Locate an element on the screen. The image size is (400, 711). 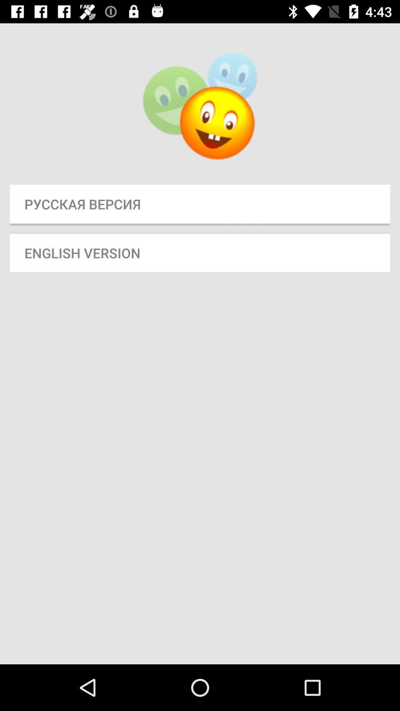
the english version icon is located at coordinates (200, 253).